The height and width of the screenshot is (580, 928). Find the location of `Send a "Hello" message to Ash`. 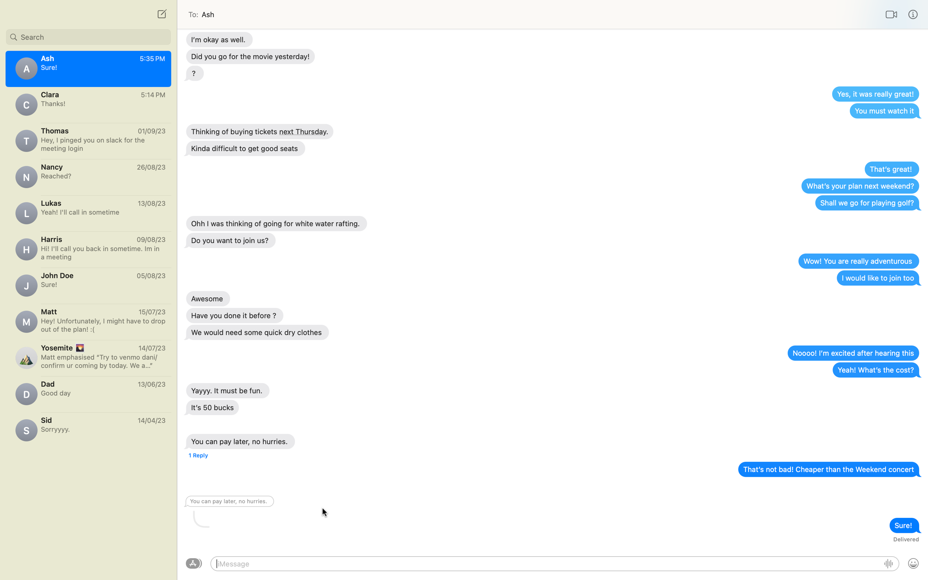

Send a "Hello" message to Ash is located at coordinates (546, 564).